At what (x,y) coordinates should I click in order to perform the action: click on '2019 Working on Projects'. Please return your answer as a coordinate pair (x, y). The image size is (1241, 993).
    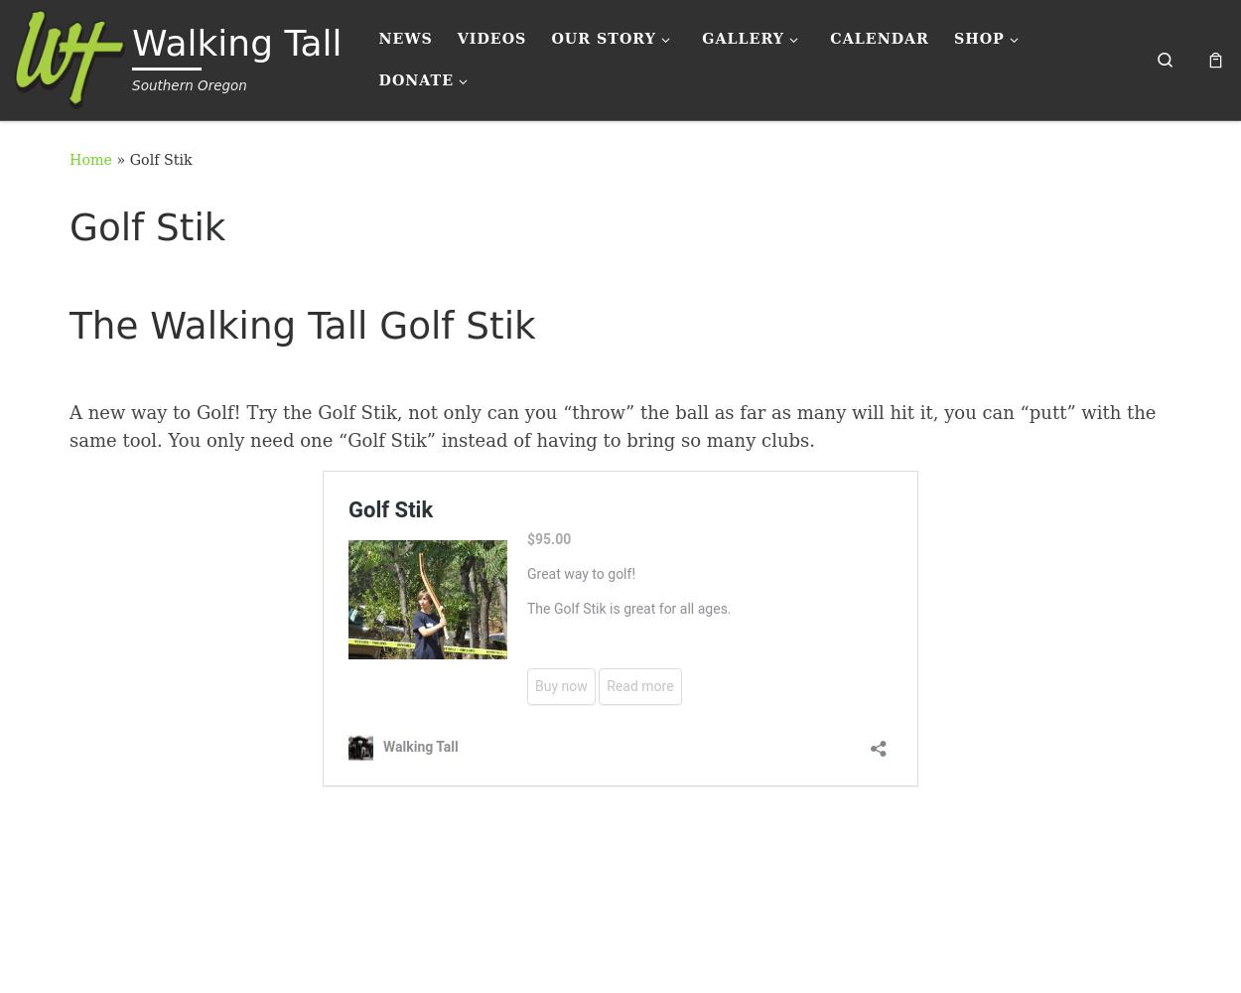
    Looking at the image, I should click on (857, 316).